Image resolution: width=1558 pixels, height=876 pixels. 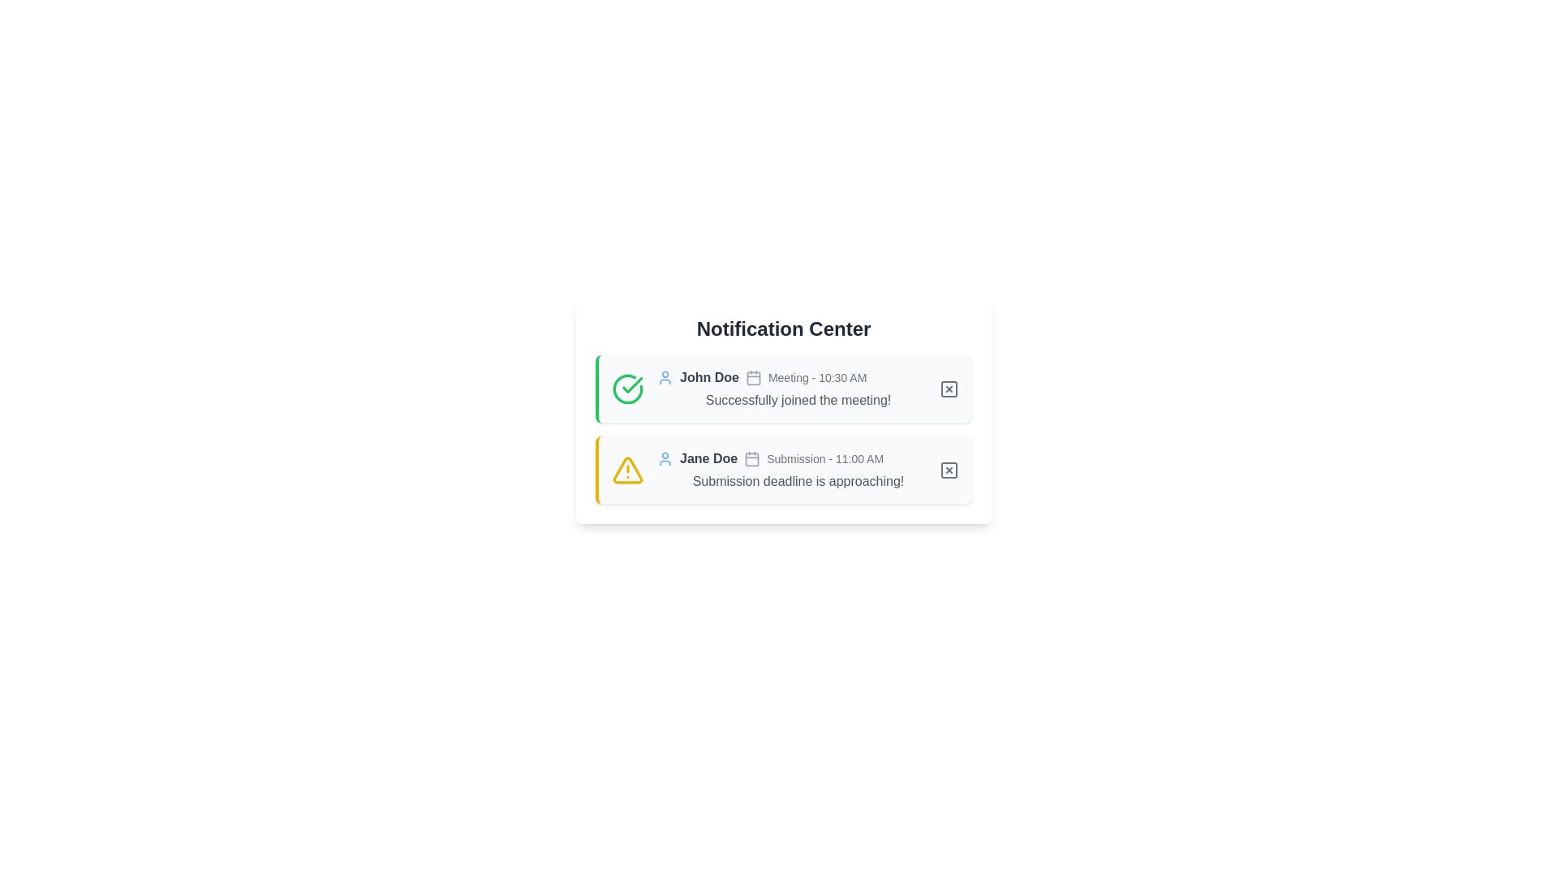 I want to click on the text label that displays 'Submission deadline is approaching!' in the Notification Center under the notification titled 'Jane Doe | Submission - 11:00 AM', so click(x=798, y=481).